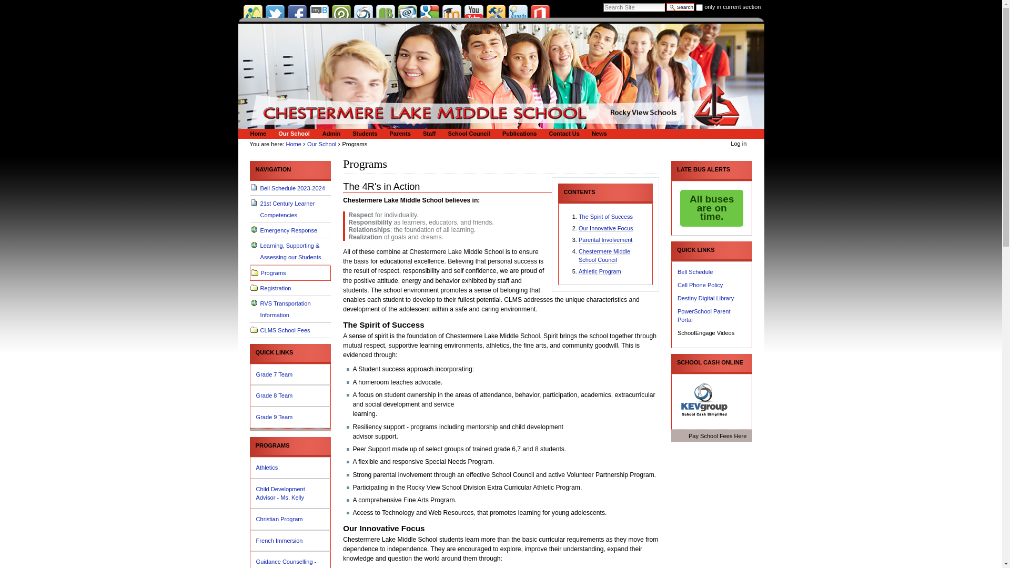 This screenshot has width=1010, height=568. Describe the element at coordinates (704, 315) in the screenshot. I see `'PowerSchool Parent Portal'` at that location.